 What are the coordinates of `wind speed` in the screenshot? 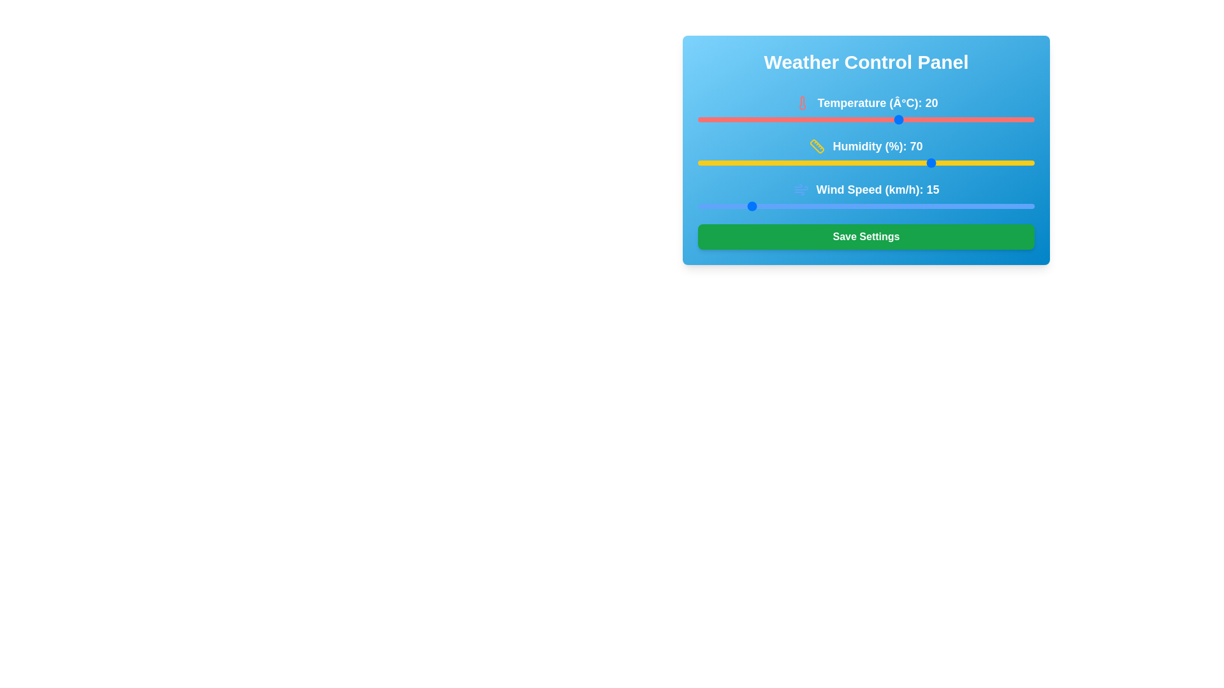 It's located at (819, 206).